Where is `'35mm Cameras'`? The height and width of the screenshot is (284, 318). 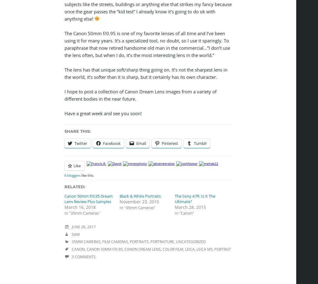 '35mm Cameras' is located at coordinates (71, 241).